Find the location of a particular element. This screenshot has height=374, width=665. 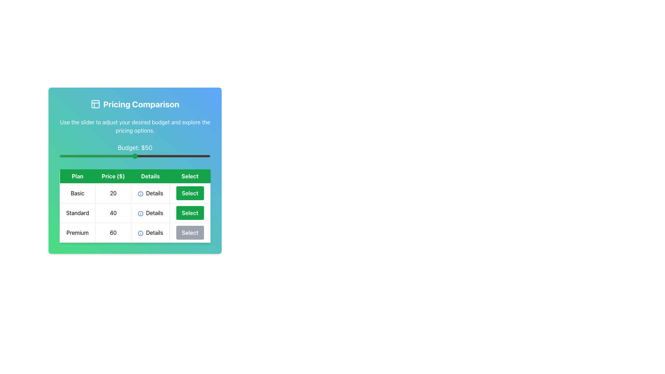

the budget is located at coordinates (107, 156).